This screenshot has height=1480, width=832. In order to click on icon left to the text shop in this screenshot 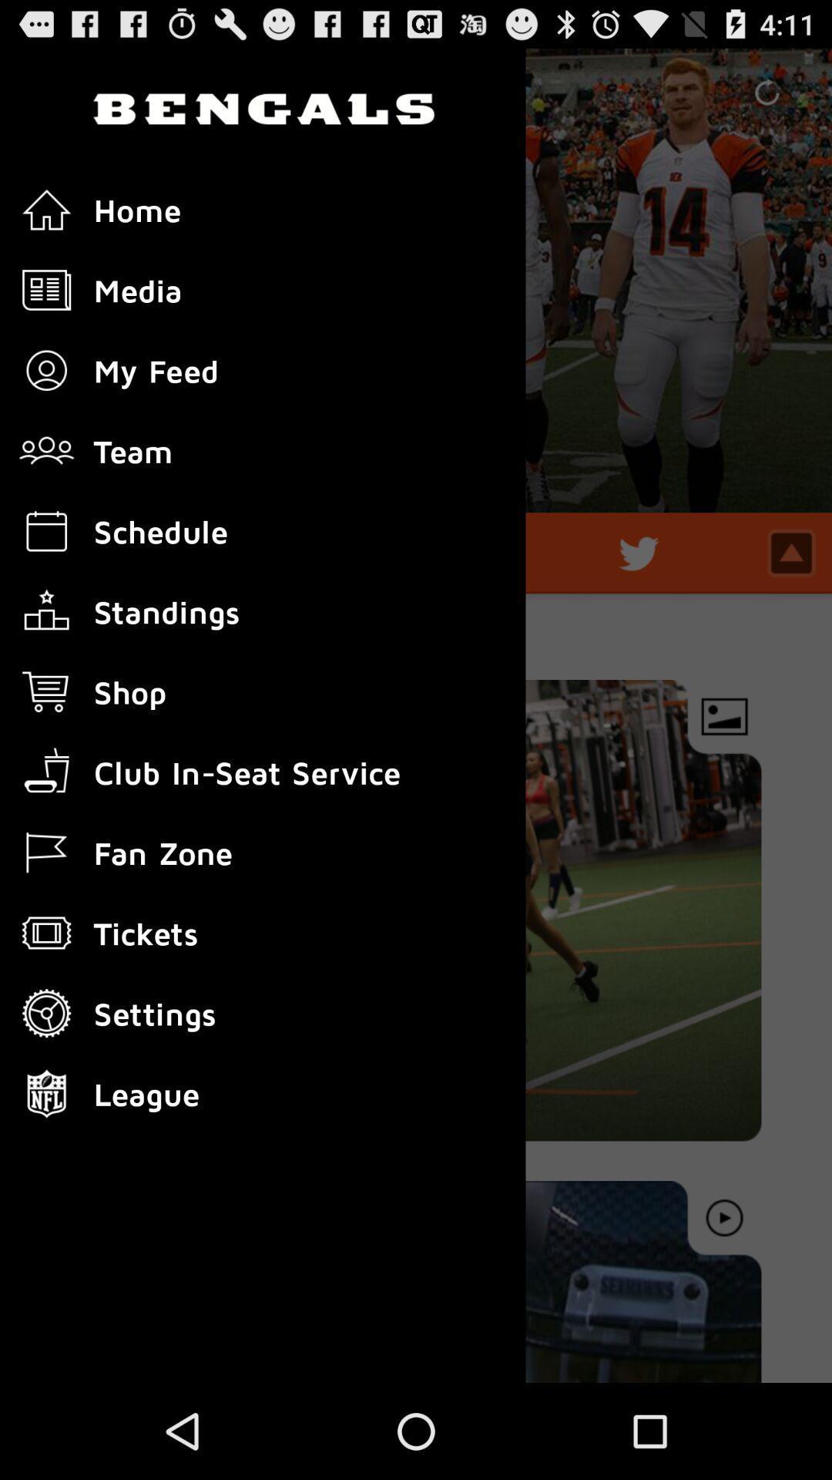, I will do `click(46, 691)`.